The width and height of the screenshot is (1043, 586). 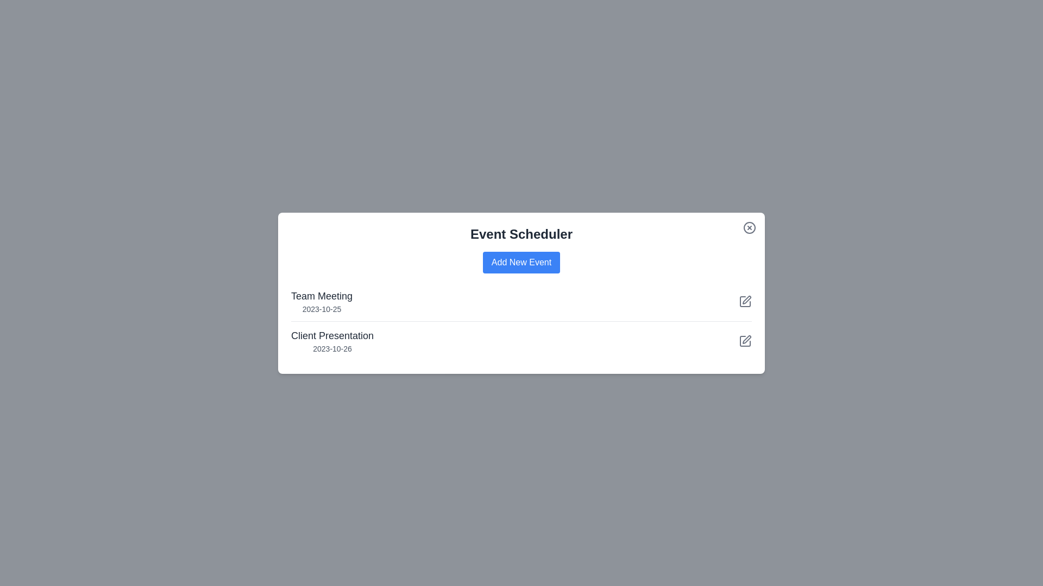 I want to click on the edit icon located to the right of the 'Team Meeting' text to initiate the edit function, so click(x=745, y=301).